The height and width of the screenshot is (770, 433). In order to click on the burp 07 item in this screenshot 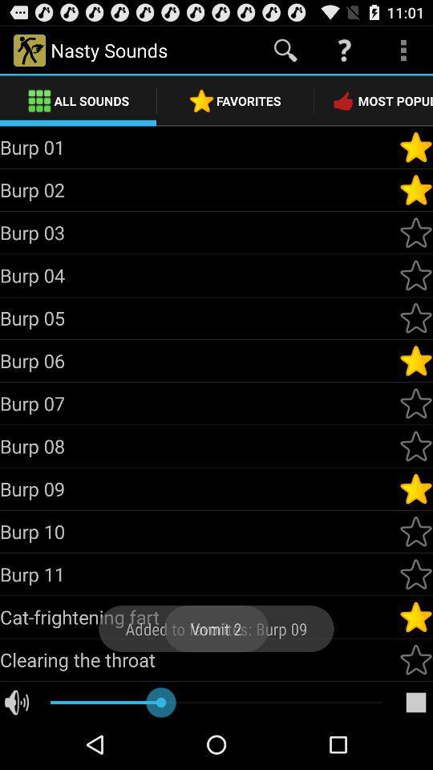, I will do `click(199, 403)`.